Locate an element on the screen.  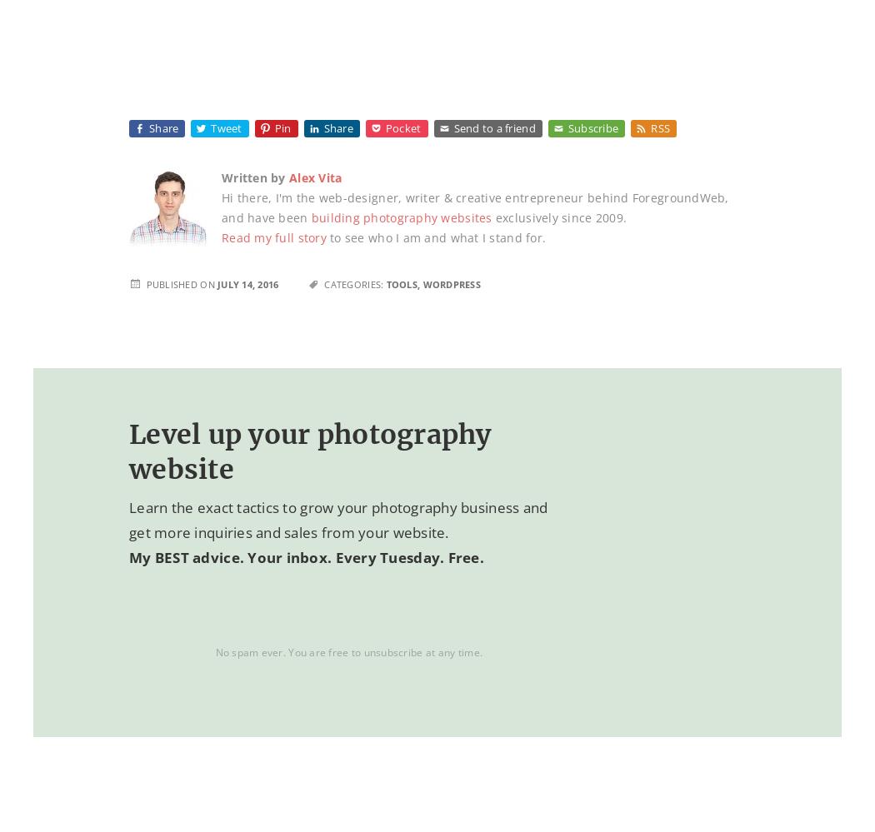
'Send to a friend' is located at coordinates (493, 128).